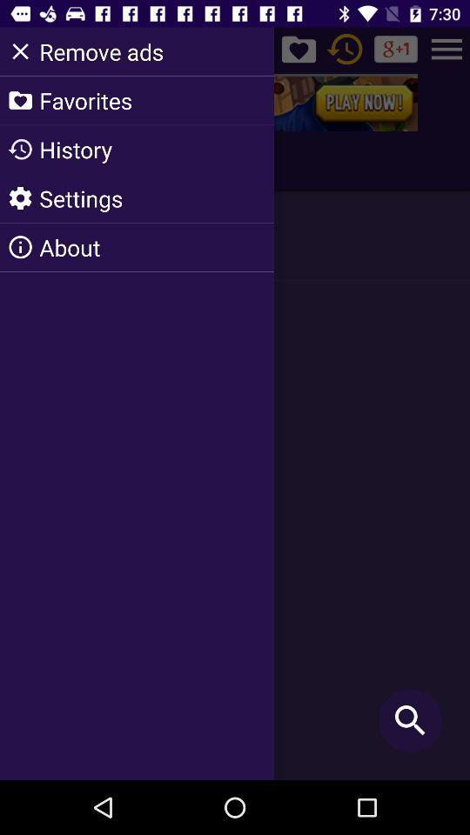 The width and height of the screenshot is (470, 835). Describe the element at coordinates (446, 48) in the screenshot. I see `the menu icon` at that location.